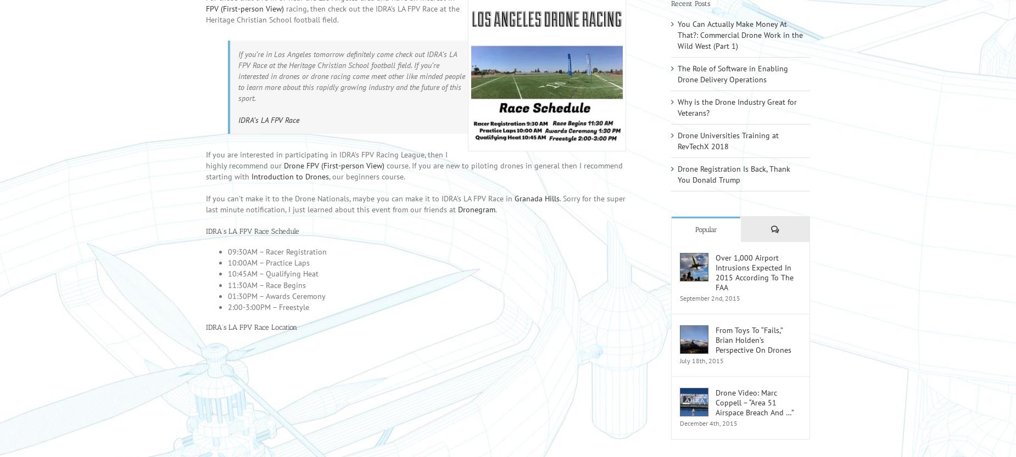 This screenshot has height=457, width=1016. I want to click on 'Drone Video: Marc Coppell – “Area 51 Airspace Breach And …”', so click(754, 417).